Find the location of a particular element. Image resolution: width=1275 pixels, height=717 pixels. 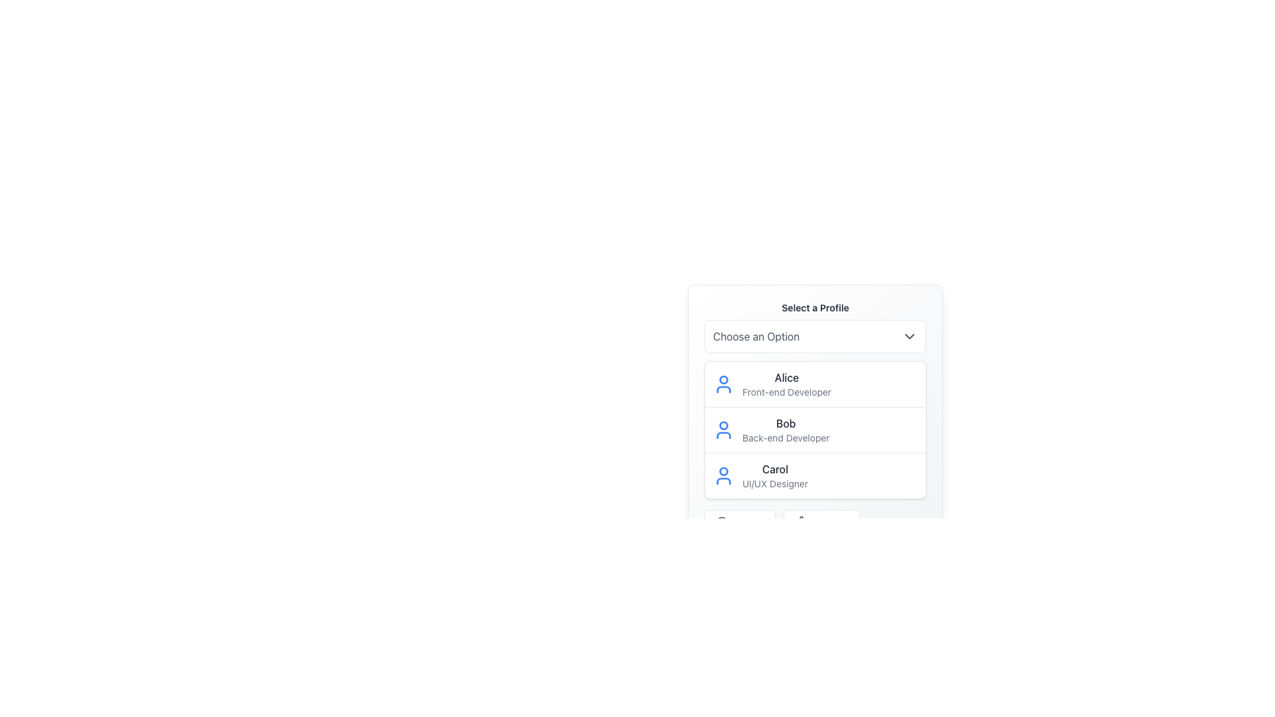

the selectable option representing the profile of 'Carol', identified as a 'UI/UX Designer' is located at coordinates (760, 475).